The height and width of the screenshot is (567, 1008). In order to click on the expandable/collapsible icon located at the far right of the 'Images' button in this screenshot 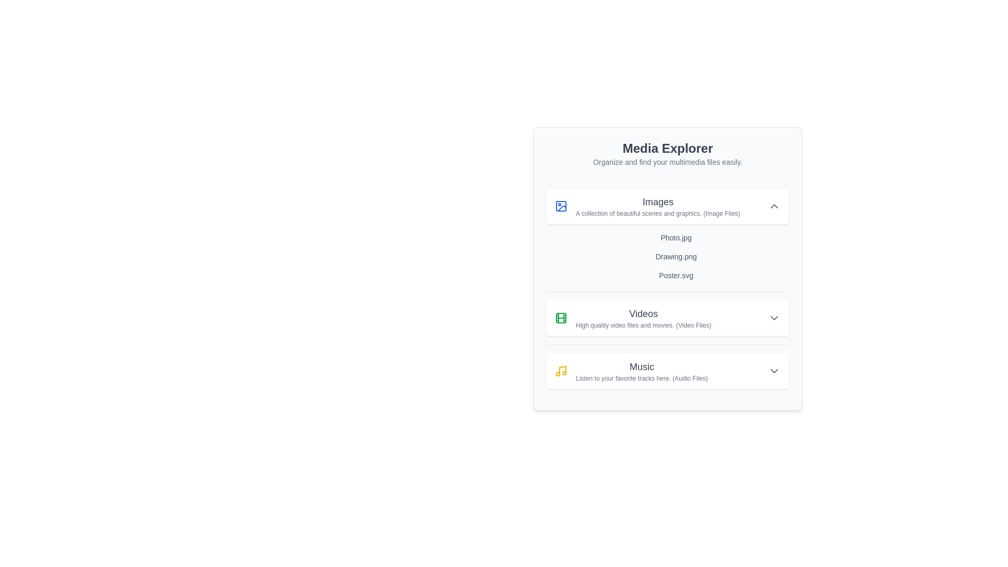, I will do `click(774, 206)`.